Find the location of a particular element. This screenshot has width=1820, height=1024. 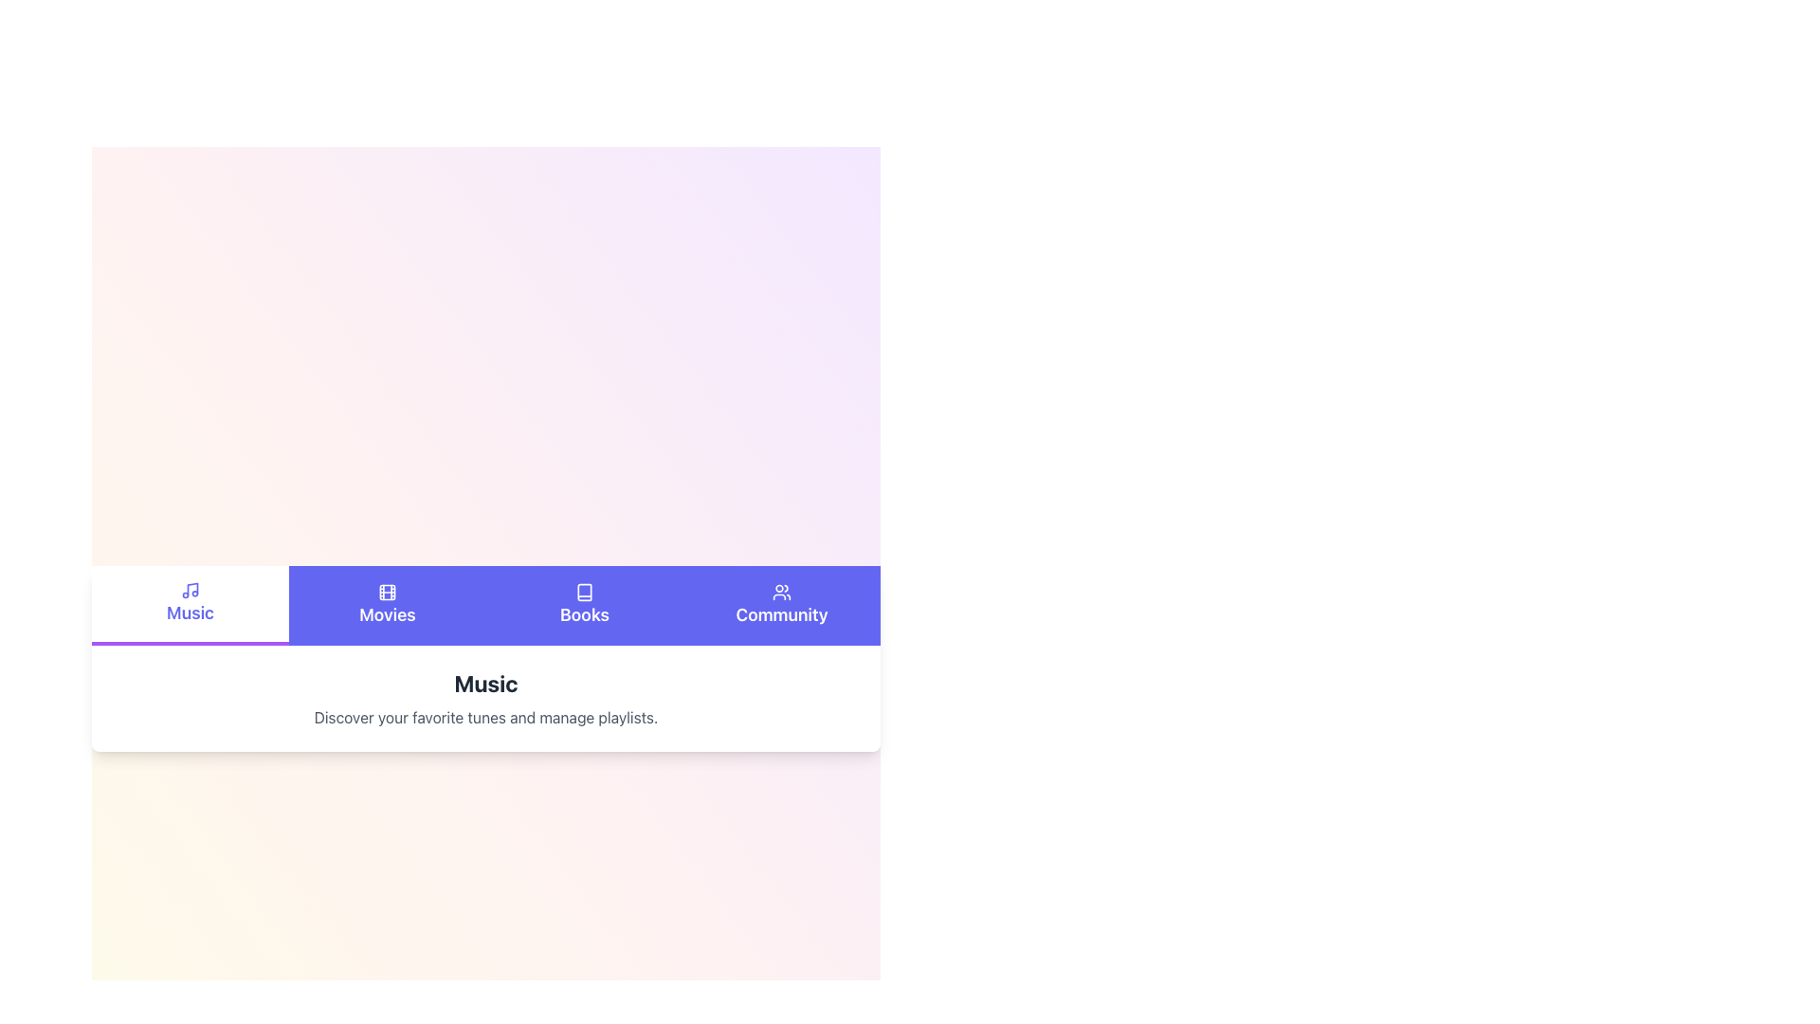

the music category icon located in the navigation panel at the top of the section is located at coordinates (191, 590).